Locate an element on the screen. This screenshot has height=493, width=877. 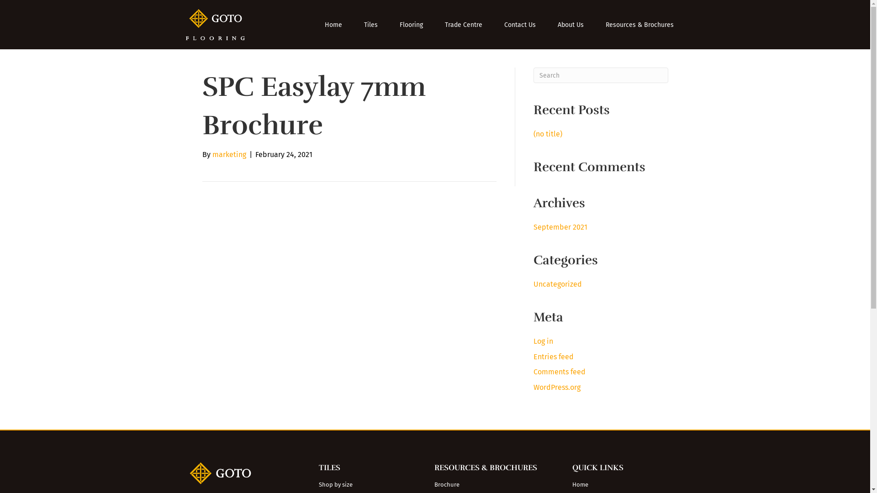
'Tiles' is located at coordinates (370, 24).